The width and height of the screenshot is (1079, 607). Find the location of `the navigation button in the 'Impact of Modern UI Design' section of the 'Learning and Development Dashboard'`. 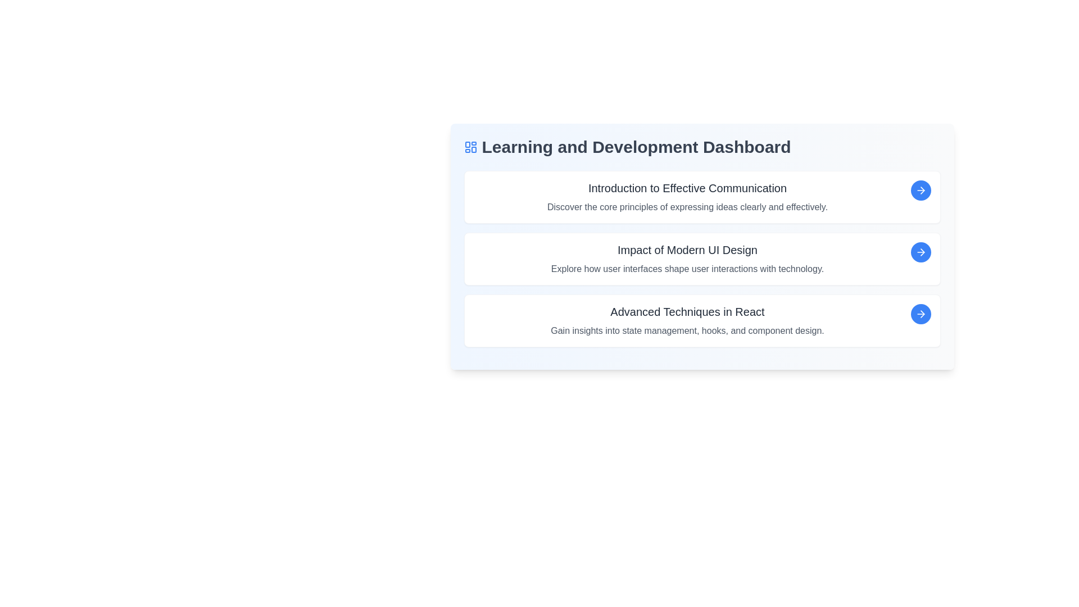

the navigation button in the 'Impact of Modern UI Design' section of the 'Learning and Development Dashboard' is located at coordinates (921, 251).